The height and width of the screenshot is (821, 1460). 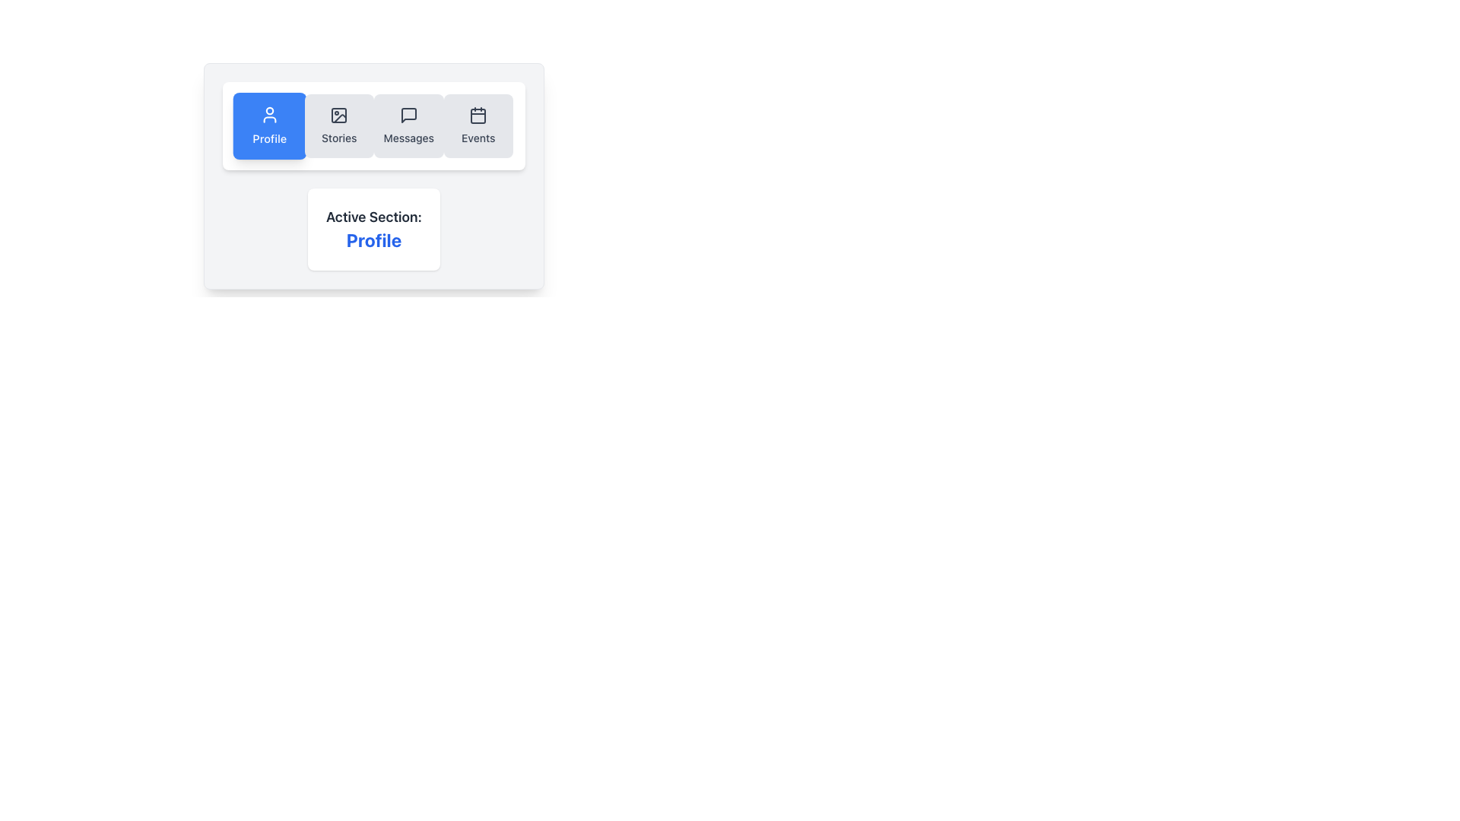 What do you see at coordinates (269, 125) in the screenshot?
I see `the 'Profile' navigational button located at the extreme left of the horizontal row of buttons` at bounding box center [269, 125].